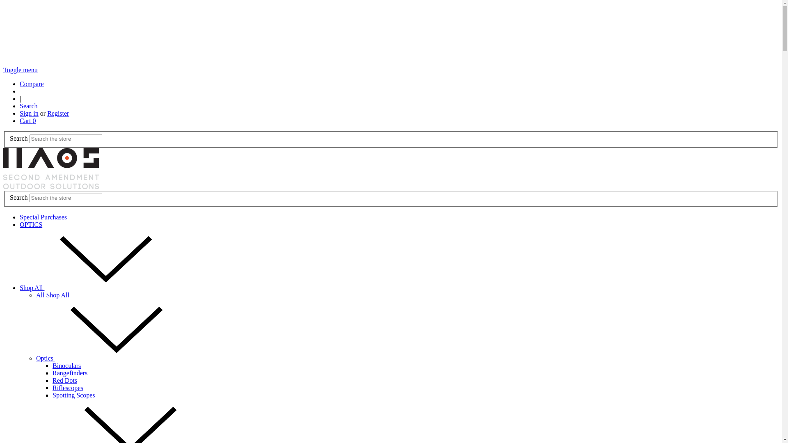  I want to click on 'Spotting Scopes', so click(52, 395).